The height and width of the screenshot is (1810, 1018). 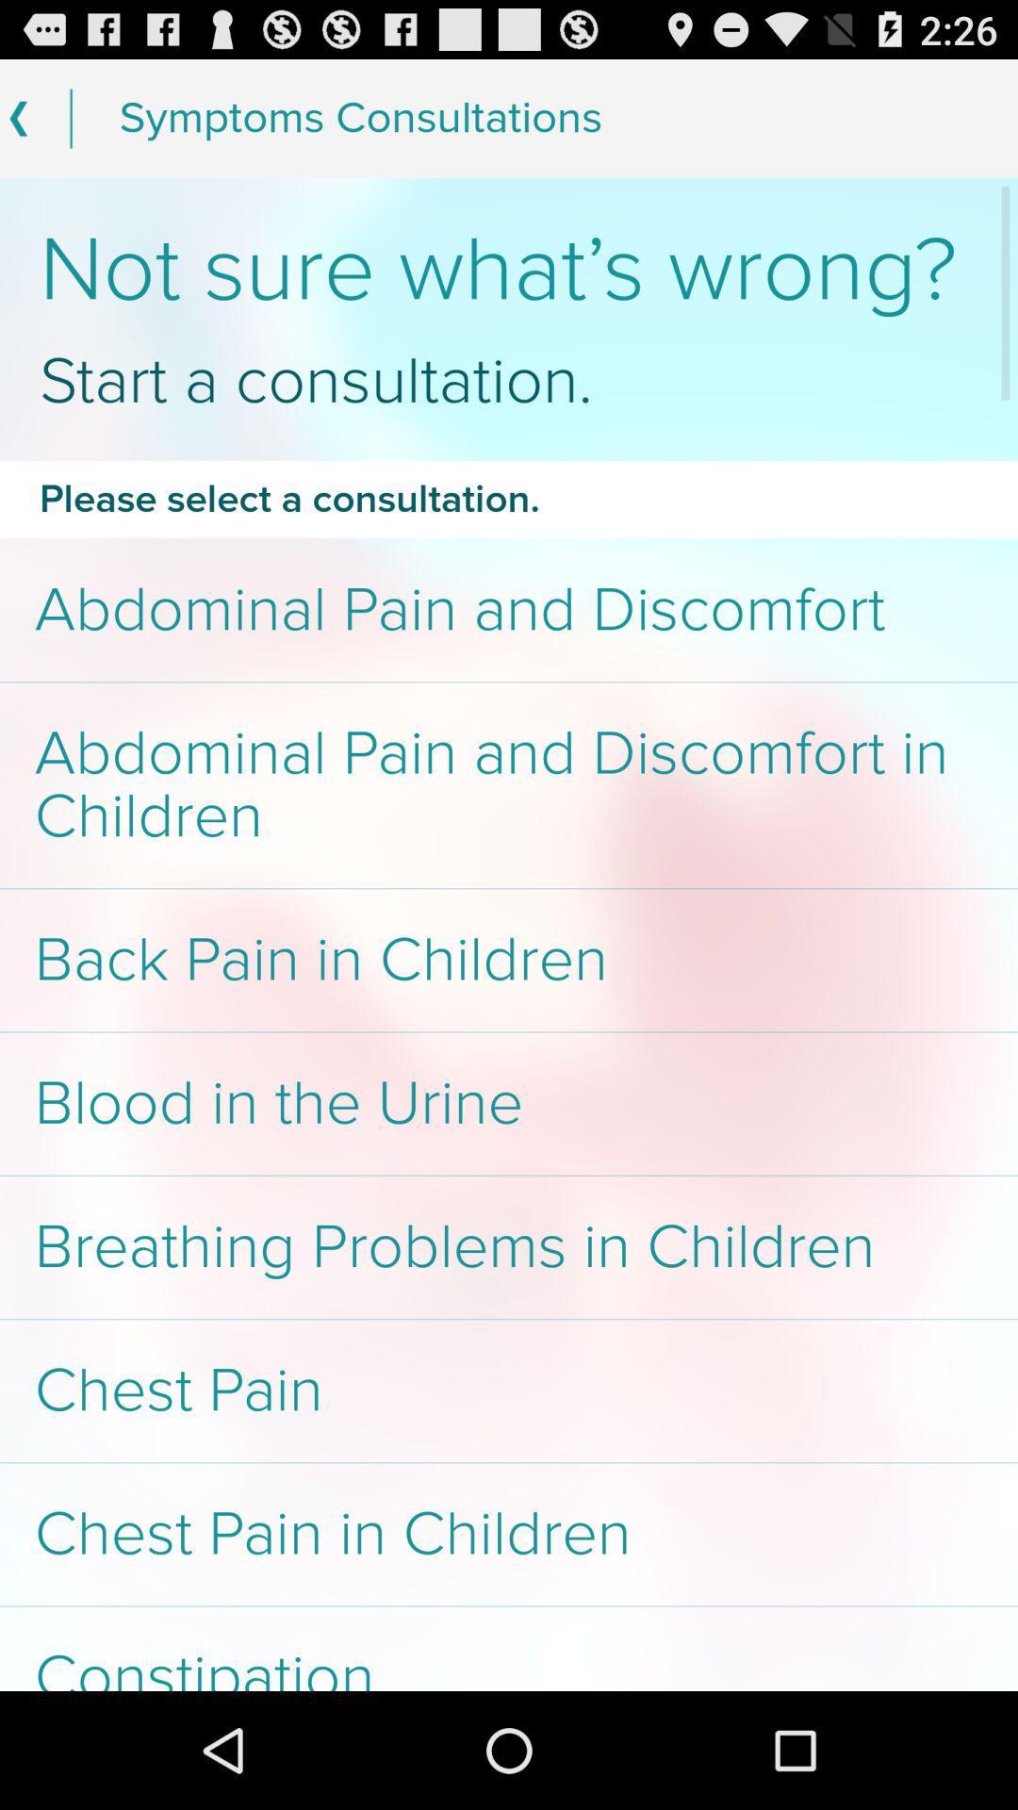 What do you see at coordinates (509, 1247) in the screenshot?
I see `the icon below the blood in the icon` at bounding box center [509, 1247].